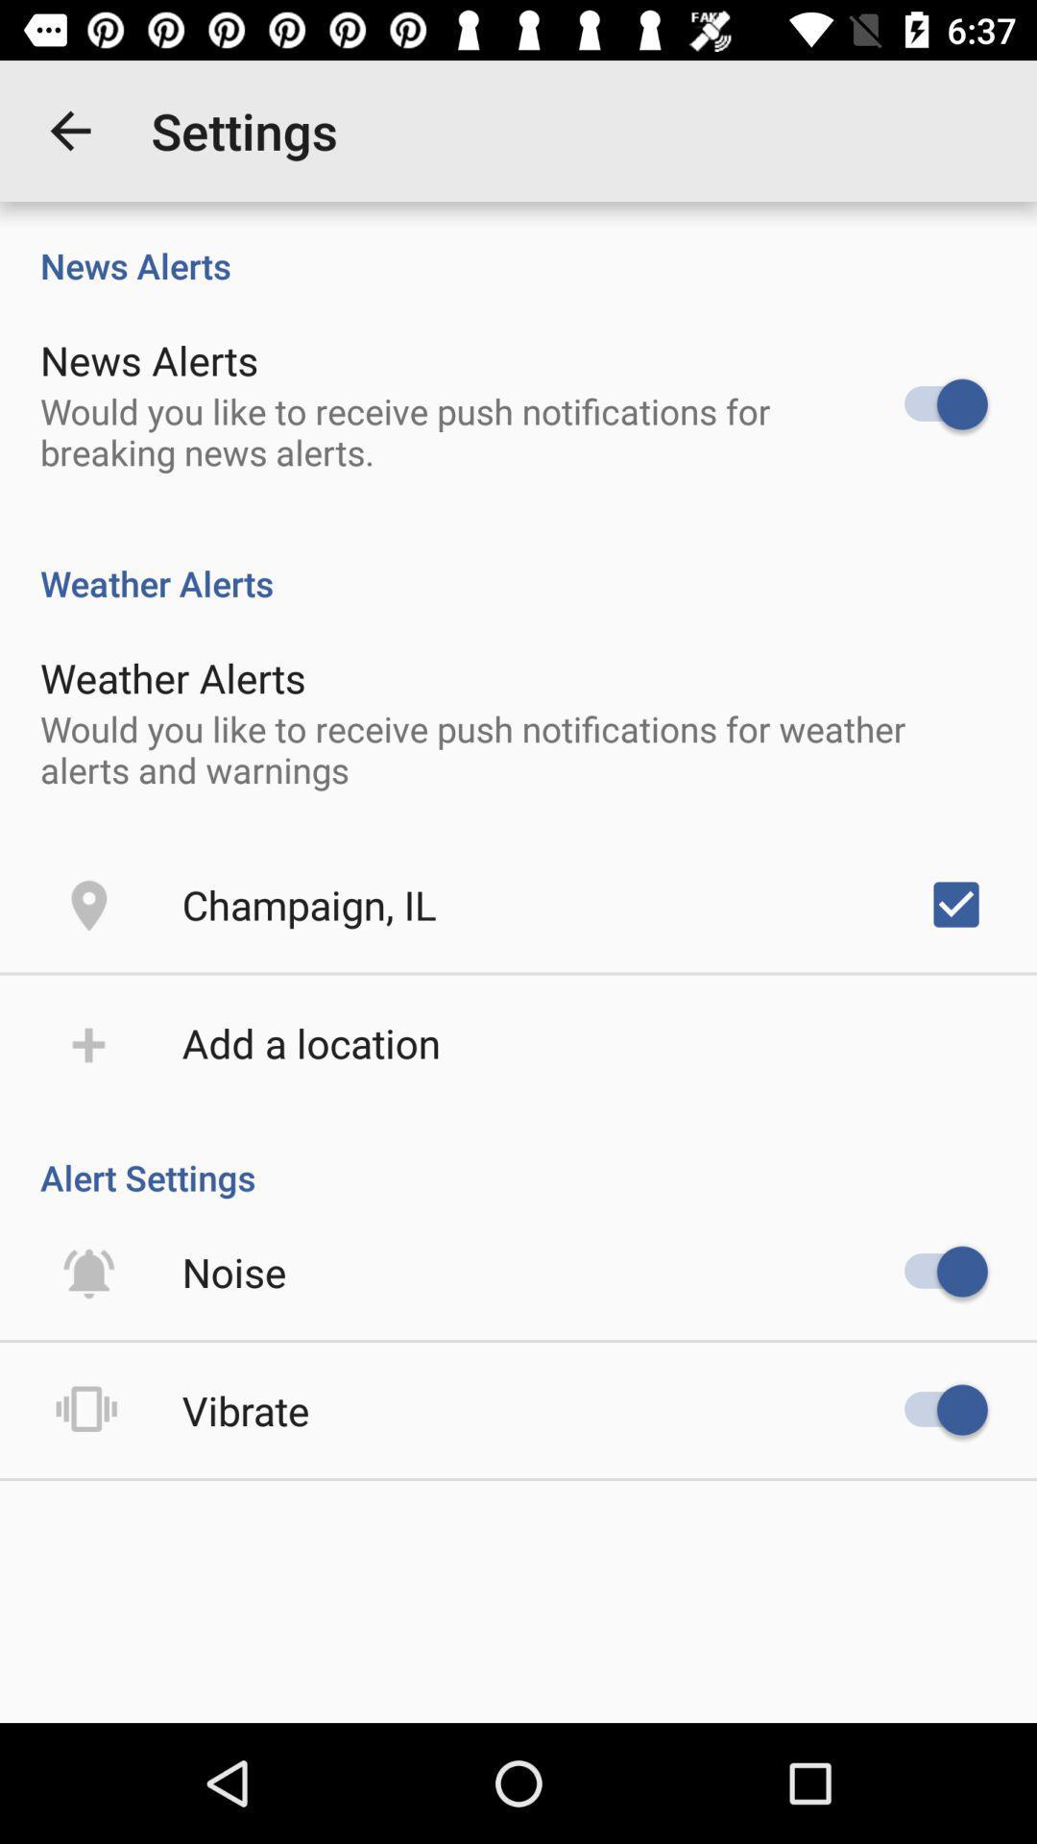 This screenshot has height=1844, width=1037. Describe the element at coordinates (308, 903) in the screenshot. I see `the champaign, il` at that location.